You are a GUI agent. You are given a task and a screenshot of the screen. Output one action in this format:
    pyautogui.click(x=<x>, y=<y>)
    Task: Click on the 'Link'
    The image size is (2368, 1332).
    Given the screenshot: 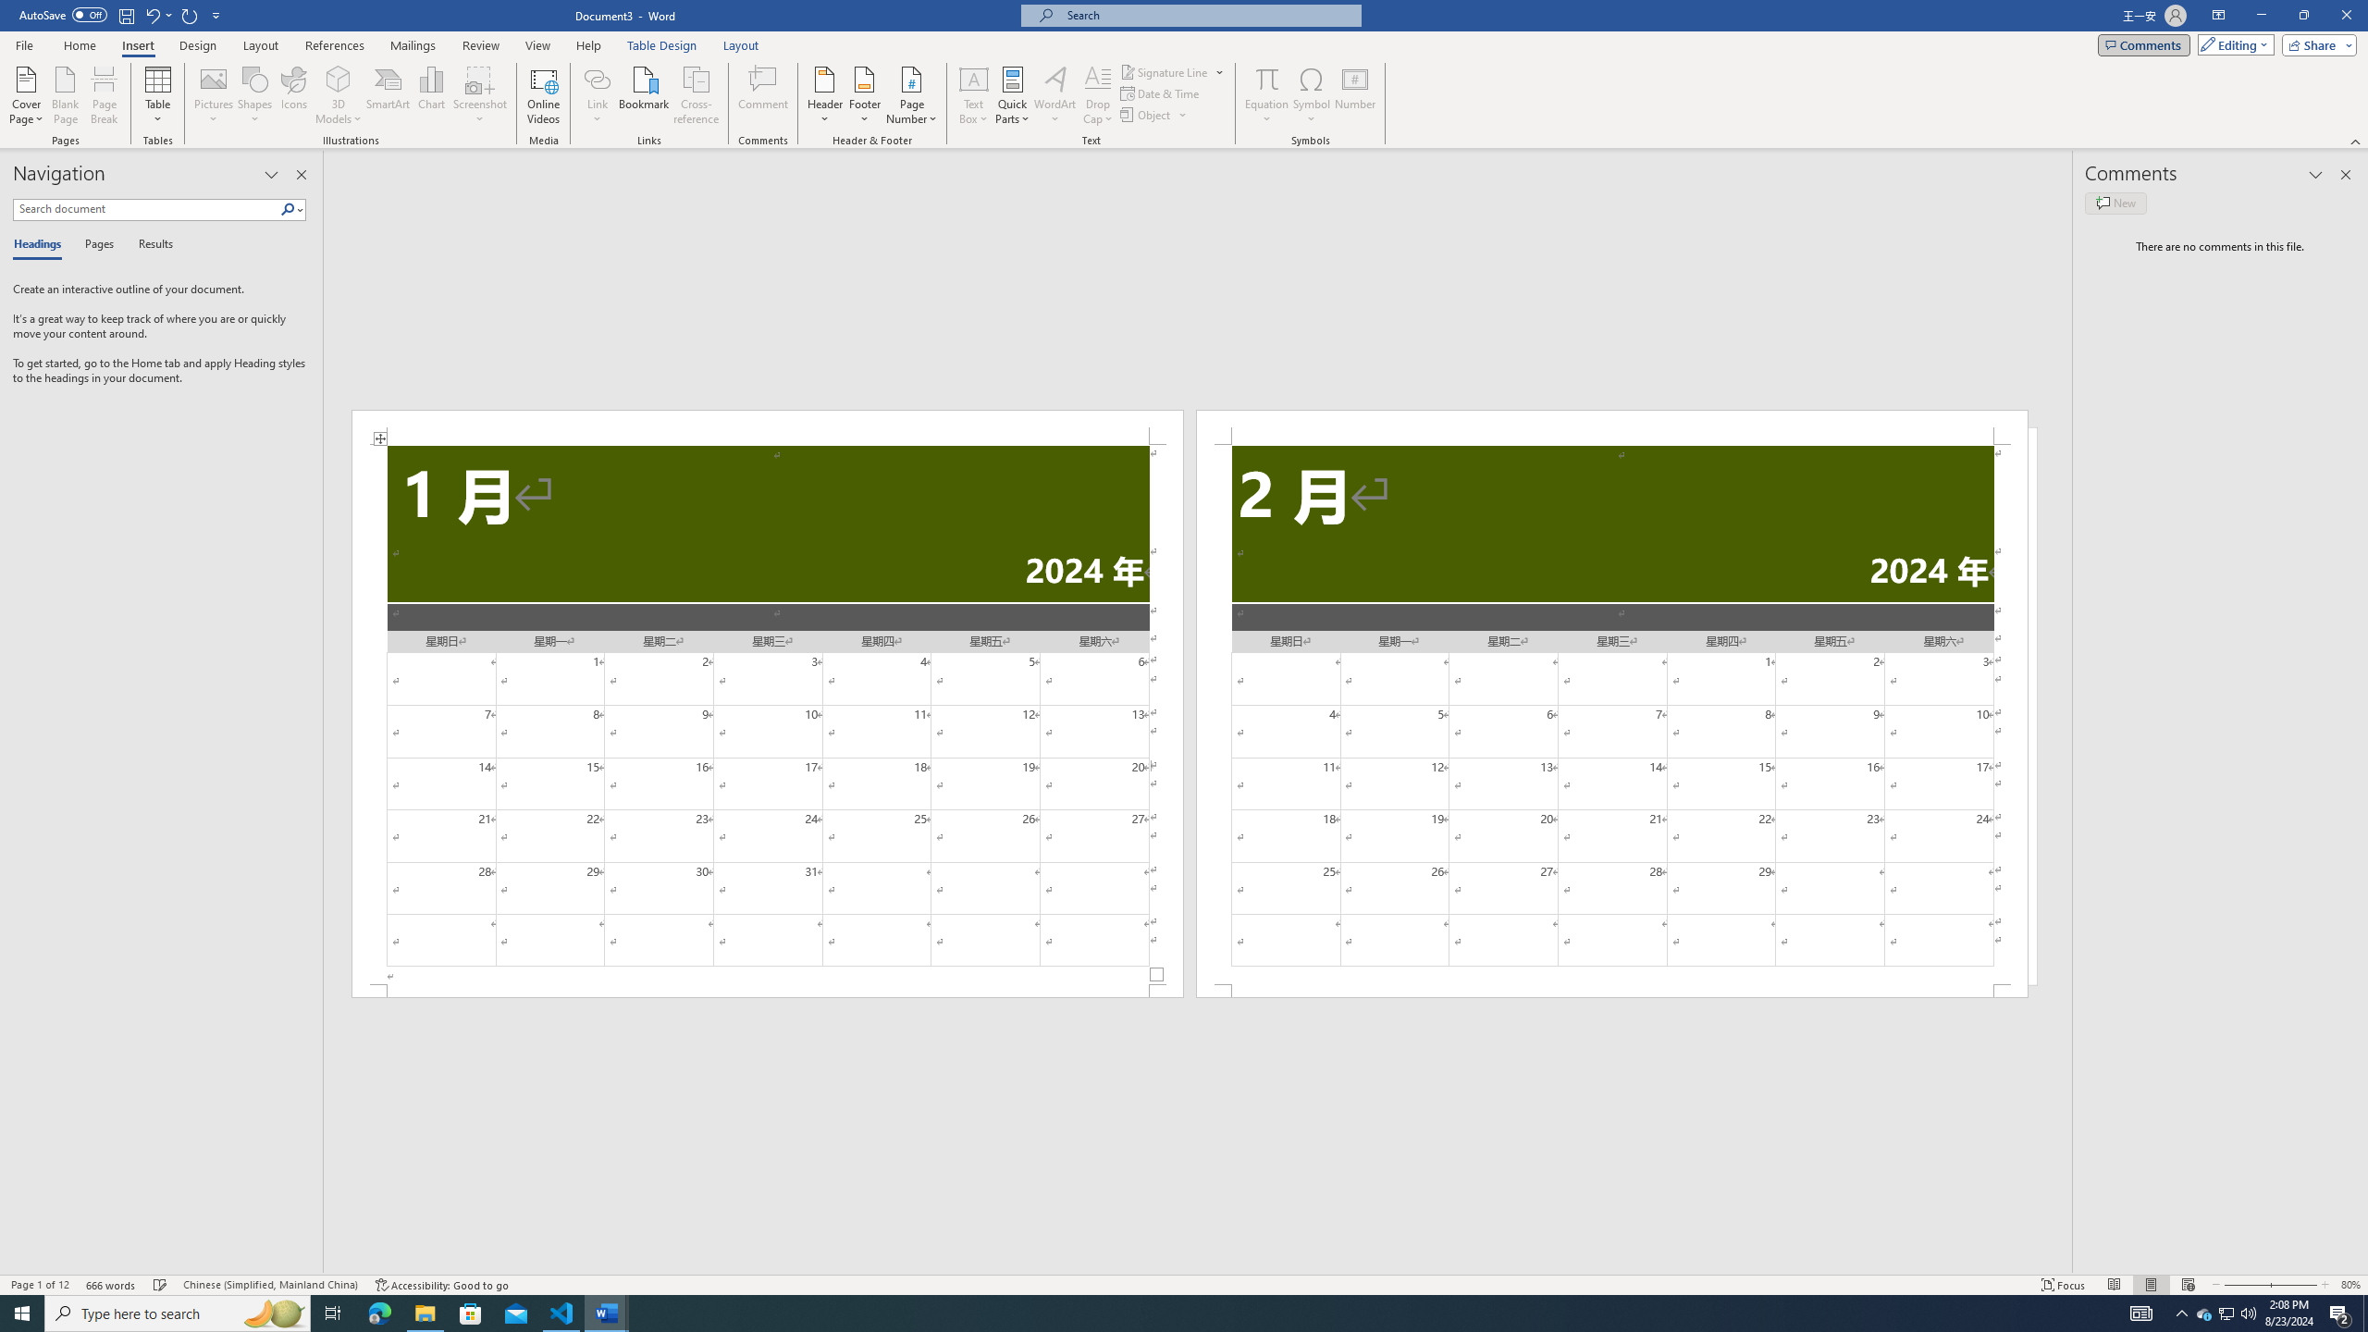 What is the action you would take?
    pyautogui.click(x=597, y=95)
    